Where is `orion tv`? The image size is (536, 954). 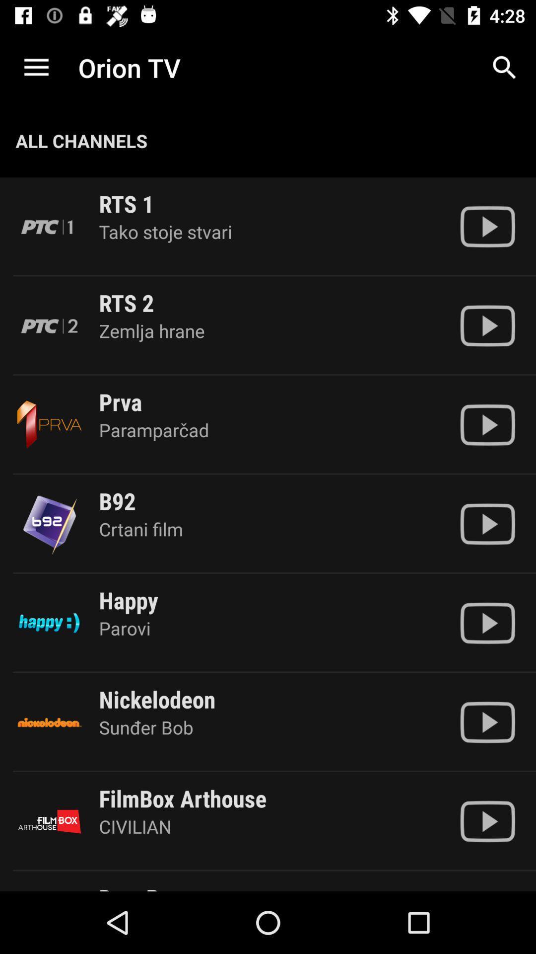
orion tv is located at coordinates (487, 623).